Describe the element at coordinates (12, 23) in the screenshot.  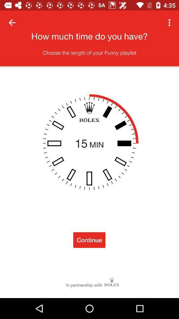
I see `item at the top left corner` at that location.